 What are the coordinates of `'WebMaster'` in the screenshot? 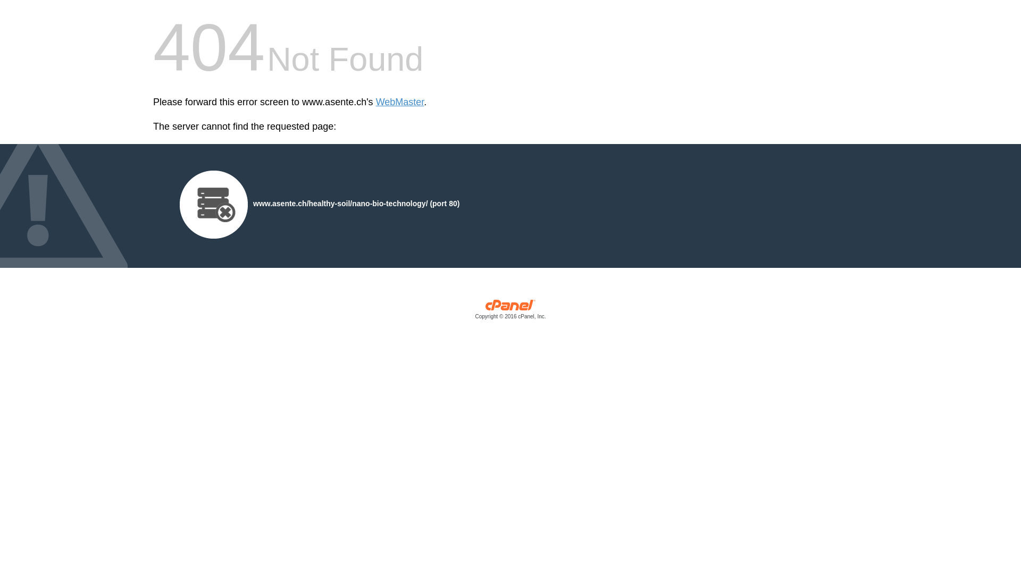 It's located at (375, 102).